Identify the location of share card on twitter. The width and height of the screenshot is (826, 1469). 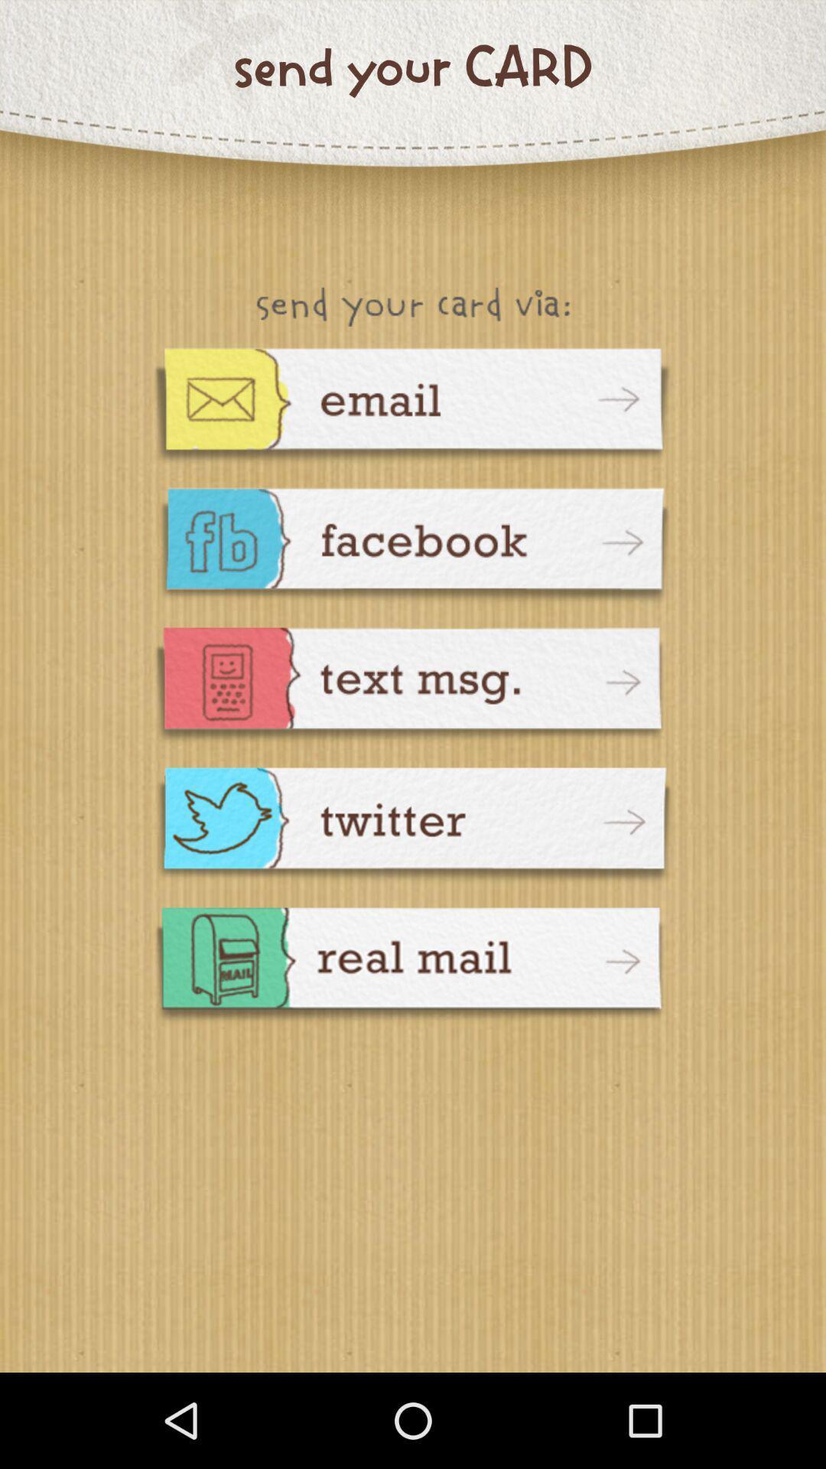
(413, 826).